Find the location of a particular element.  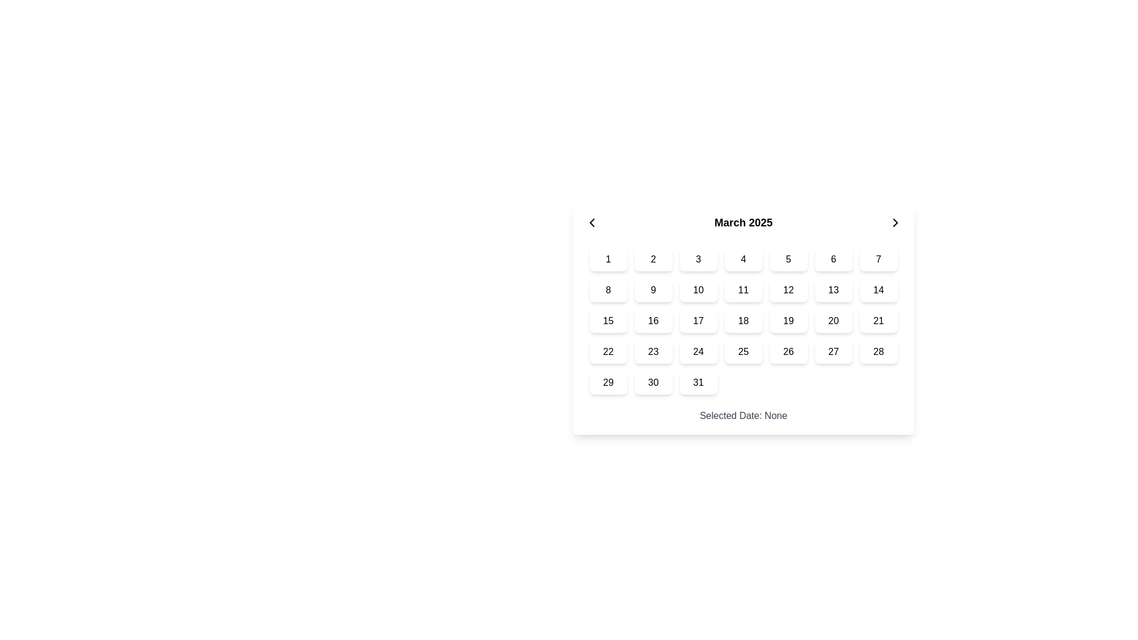

the button displaying the number '25' in black font, which is part of the calendar grid in the fifth column of the fourth row is located at coordinates (743, 351).